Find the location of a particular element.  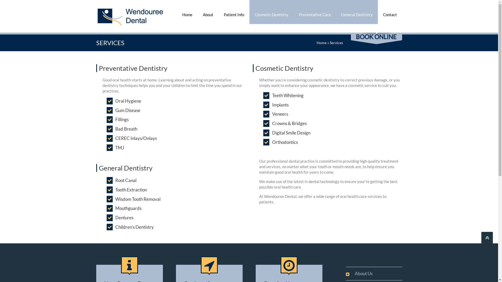

'Crowns & Bridges' is located at coordinates (289, 124).